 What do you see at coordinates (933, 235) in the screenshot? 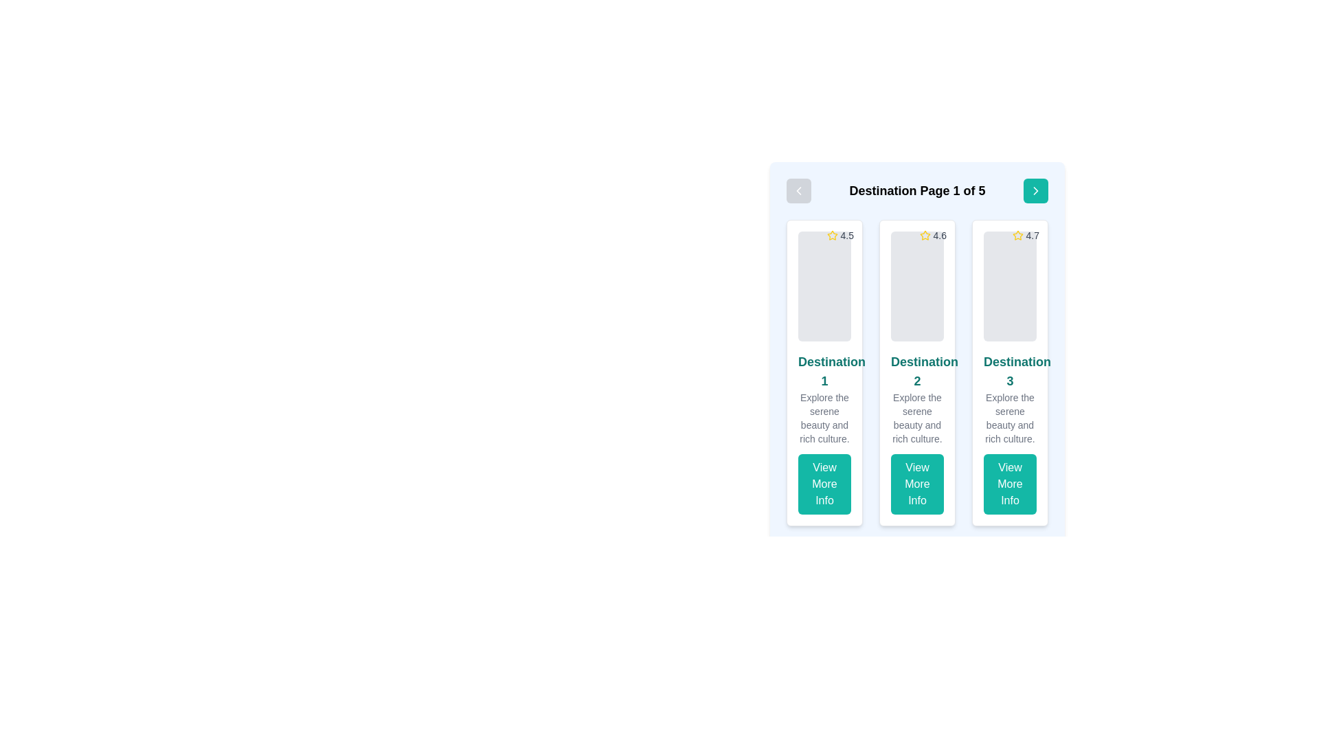
I see `the rating label text with an icon in the top-right corner of the 'Destination 2' card, which is the second card in a list of three horizontally aligned cards` at bounding box center [933, 235].